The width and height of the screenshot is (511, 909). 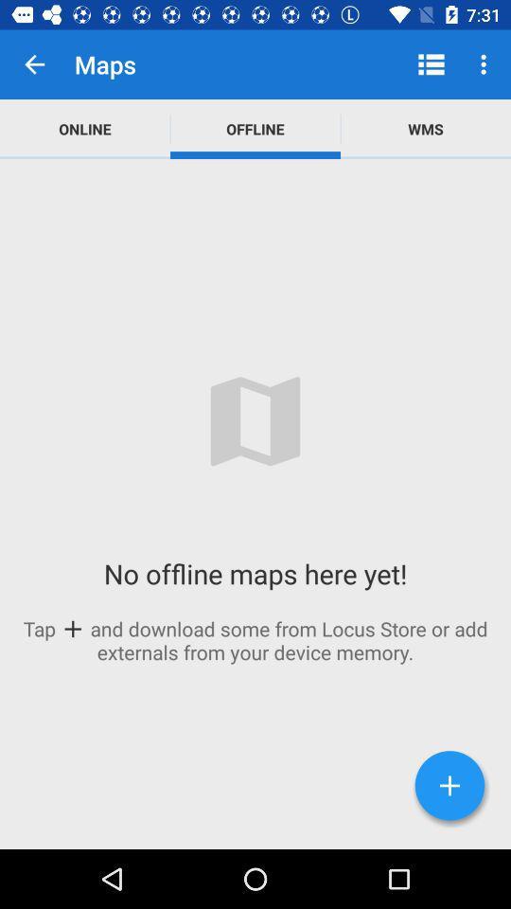 What do you see at coordinates (84, 128) in the screenshot?
I see `icon above the no offline maps item` at bounding box center [84, 128].